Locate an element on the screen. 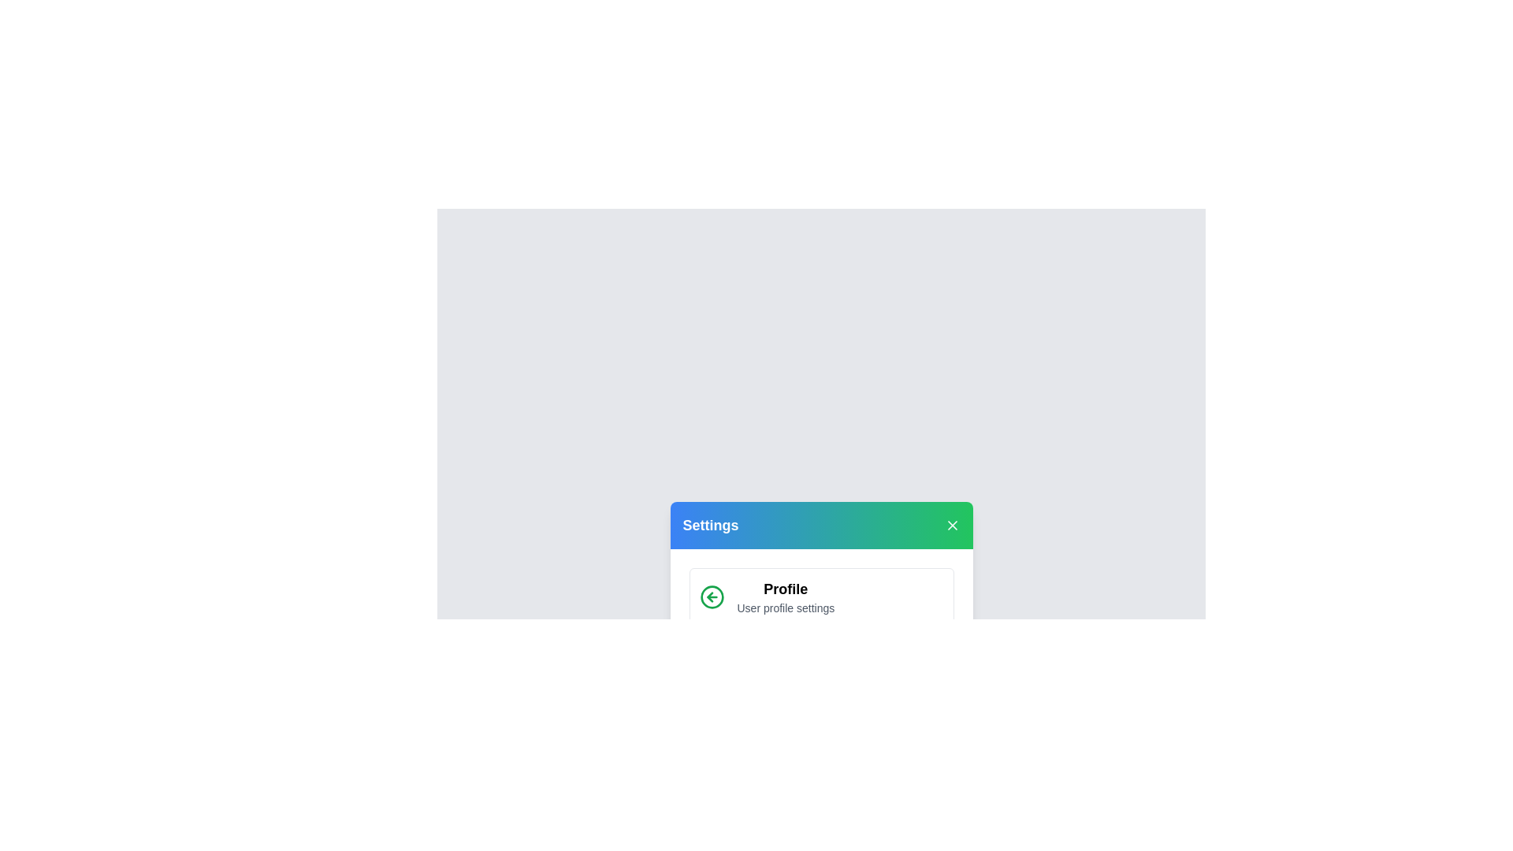 The width and height of the screenshot is (1513, 851). the close button in the header of the dialog is located at coordinates (951, 526).